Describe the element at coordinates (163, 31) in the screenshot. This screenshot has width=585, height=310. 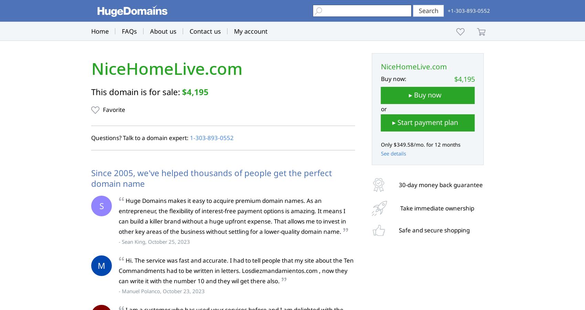
I see `'About us'` at that location.